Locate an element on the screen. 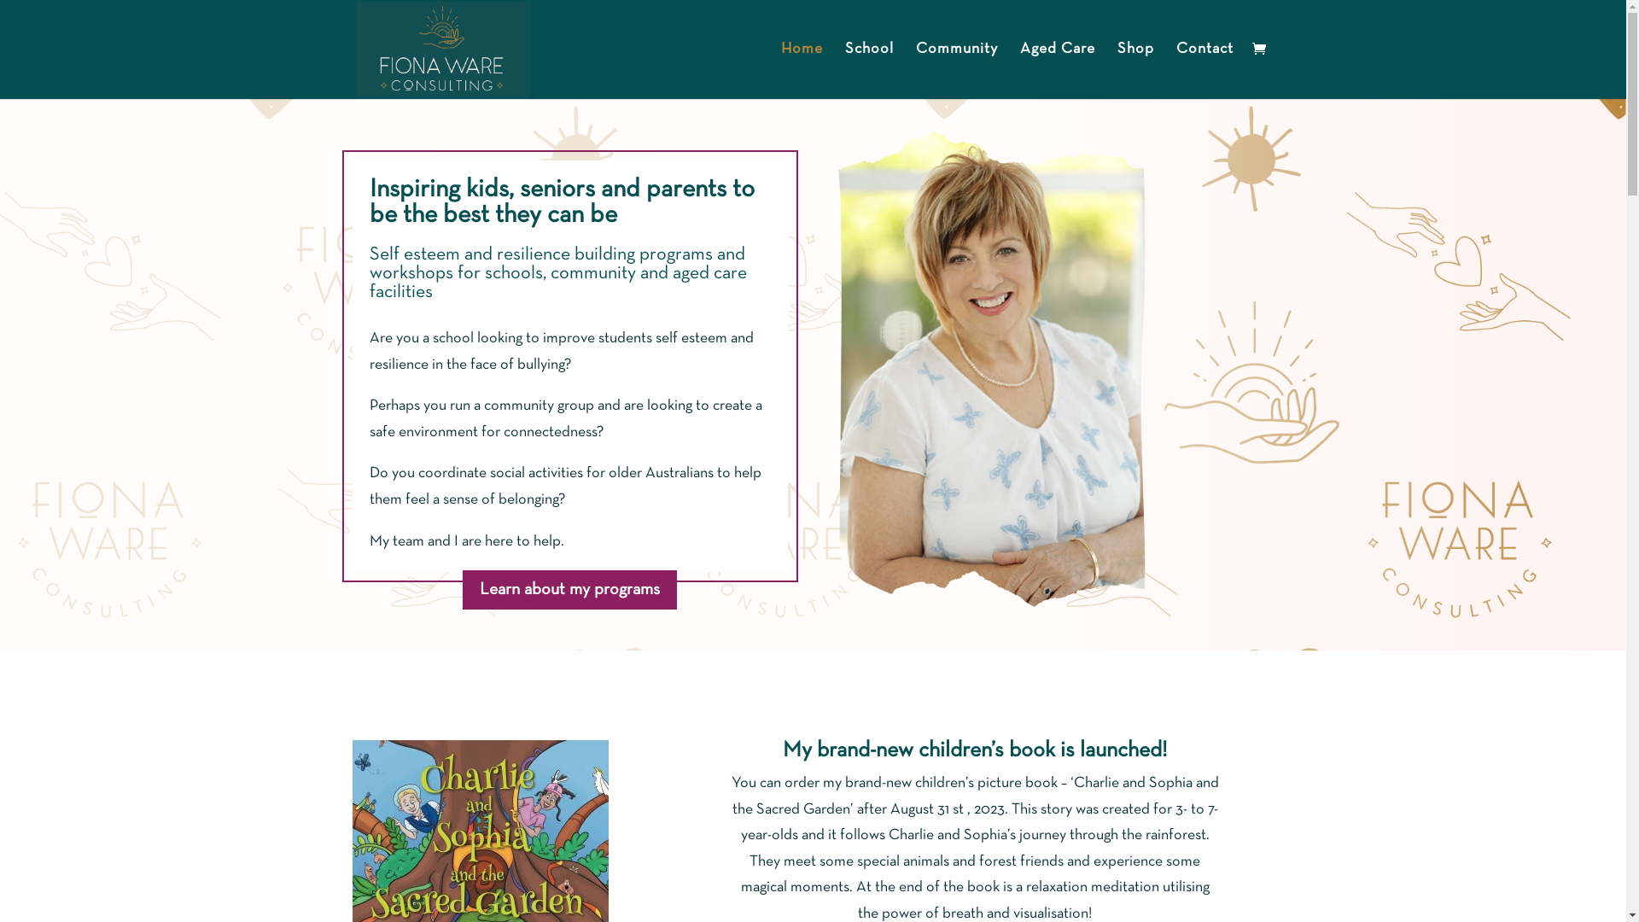 The height and width of the screenshot is (922, 1639). 'building-resilience-workshop-program' is located at coordinates (992, 374).